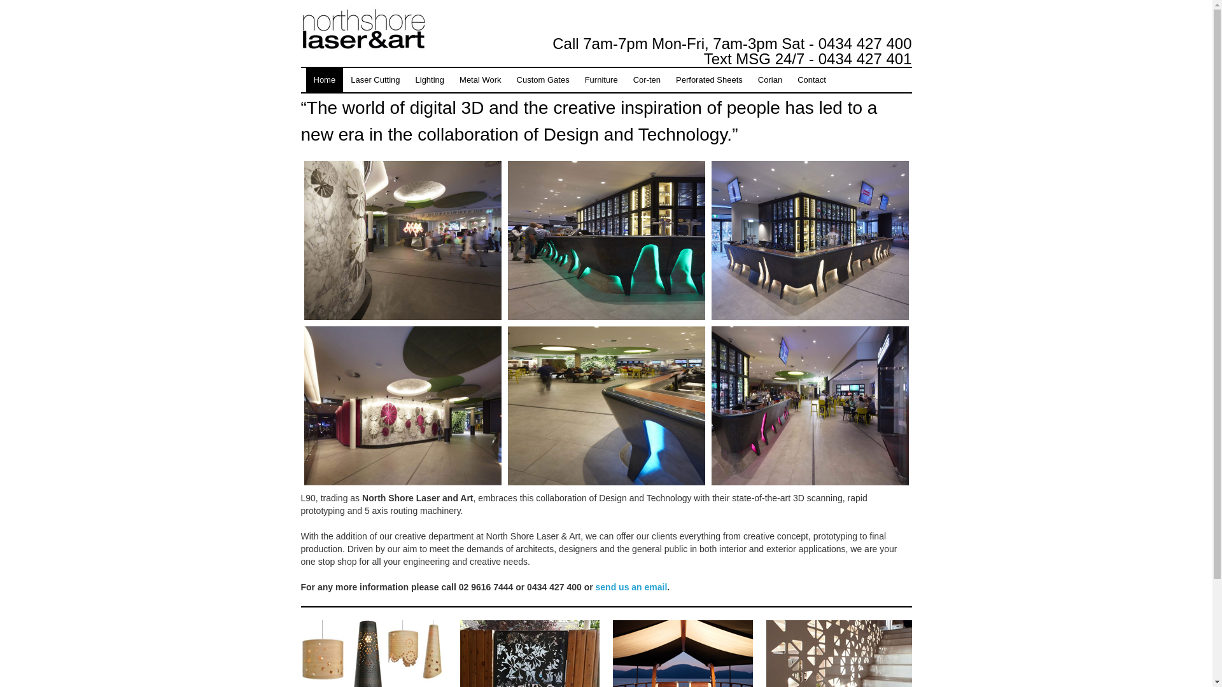  What do you see at coordinates (647, 80) in the screenshot?
I see `'Cor-ten'` at bounding box center [647, 80].